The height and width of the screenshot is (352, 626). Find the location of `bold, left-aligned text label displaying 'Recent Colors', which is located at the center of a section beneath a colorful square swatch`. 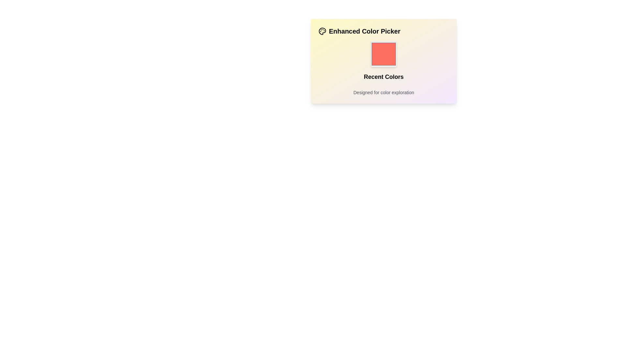

bold, left-aligned text label displaying 'Recent Colors', which is located at the center of a section beneath a colorful square swatch is located at coordinates (383, 76).